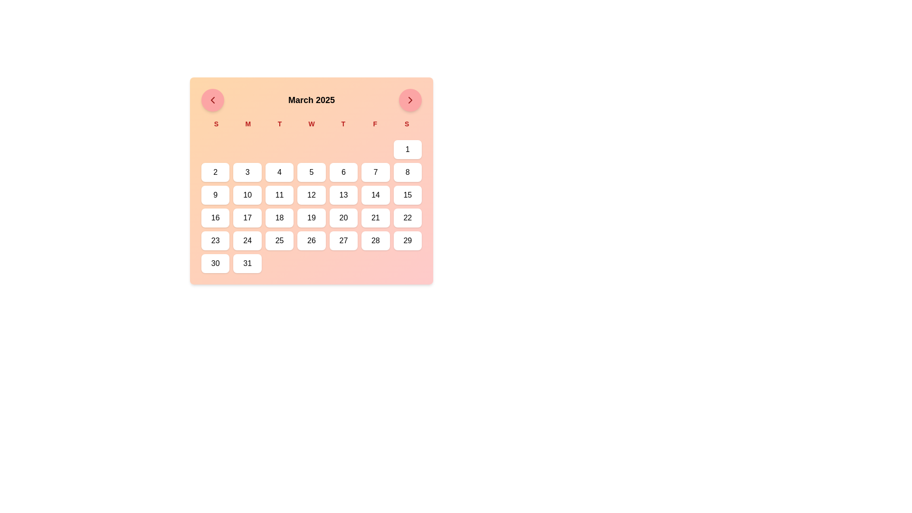 The width and height of the screenshot is (912, 513). What do you see at coordinates (312, 123) in the screenshot?
I see `labels of the days of the week in the calendar interface, which is positioned below the title 'March 2025' and above the grid of buttons for the days` at bounding box center [312, 123].